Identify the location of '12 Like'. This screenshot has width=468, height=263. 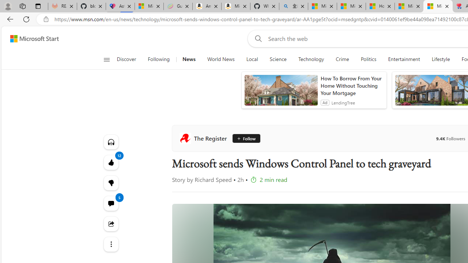
(110, 162).